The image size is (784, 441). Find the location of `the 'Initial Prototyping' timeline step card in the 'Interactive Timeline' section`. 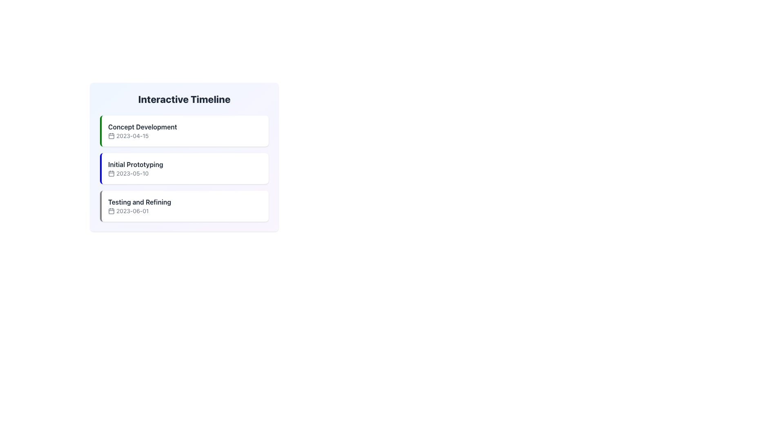

the 'Initial Prototyping' timeline step card in the 'Interactive Timeline' section is located at coordinates (184, 168).